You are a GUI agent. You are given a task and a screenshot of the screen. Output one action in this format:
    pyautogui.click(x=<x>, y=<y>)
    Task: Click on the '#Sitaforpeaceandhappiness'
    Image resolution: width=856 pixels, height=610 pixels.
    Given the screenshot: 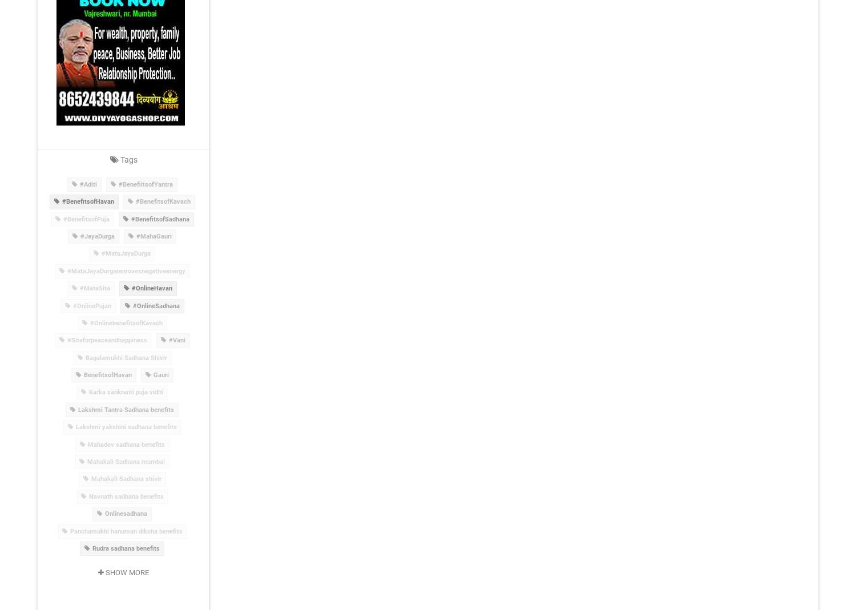 What is the action you would take?
    pyautogui.click(x=107, y=340)
    